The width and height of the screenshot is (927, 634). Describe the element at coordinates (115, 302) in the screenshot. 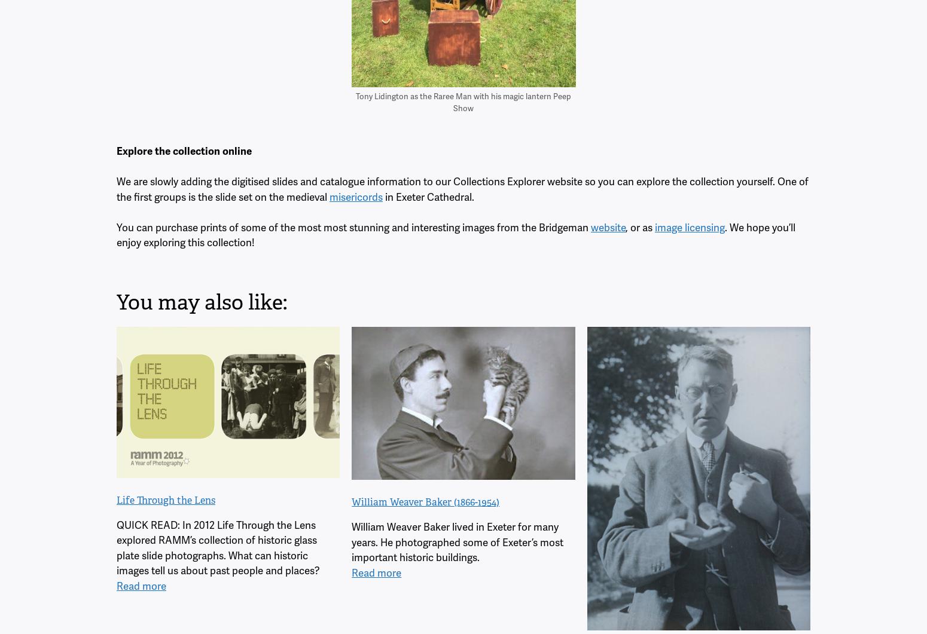

I see `'You may also like:'` at that location.